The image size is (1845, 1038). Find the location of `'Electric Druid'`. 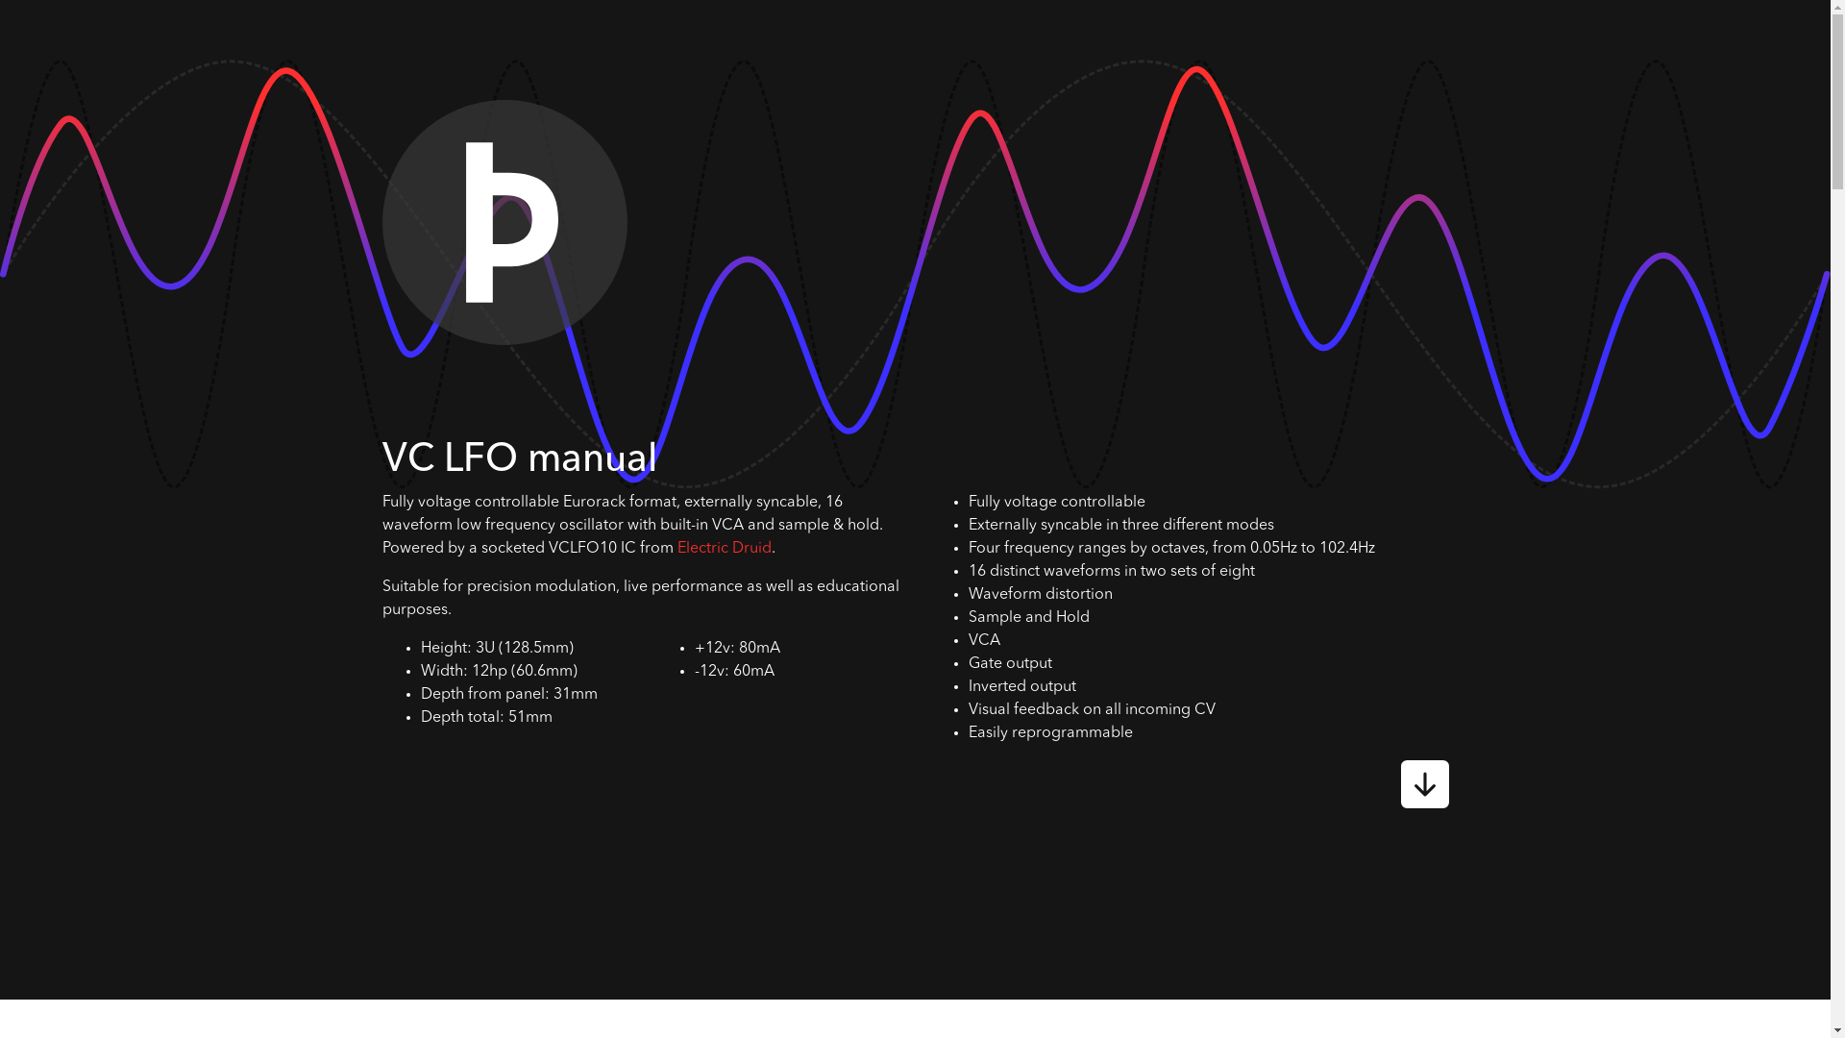

'Electric Druid' is located at coordinates (723, 548).